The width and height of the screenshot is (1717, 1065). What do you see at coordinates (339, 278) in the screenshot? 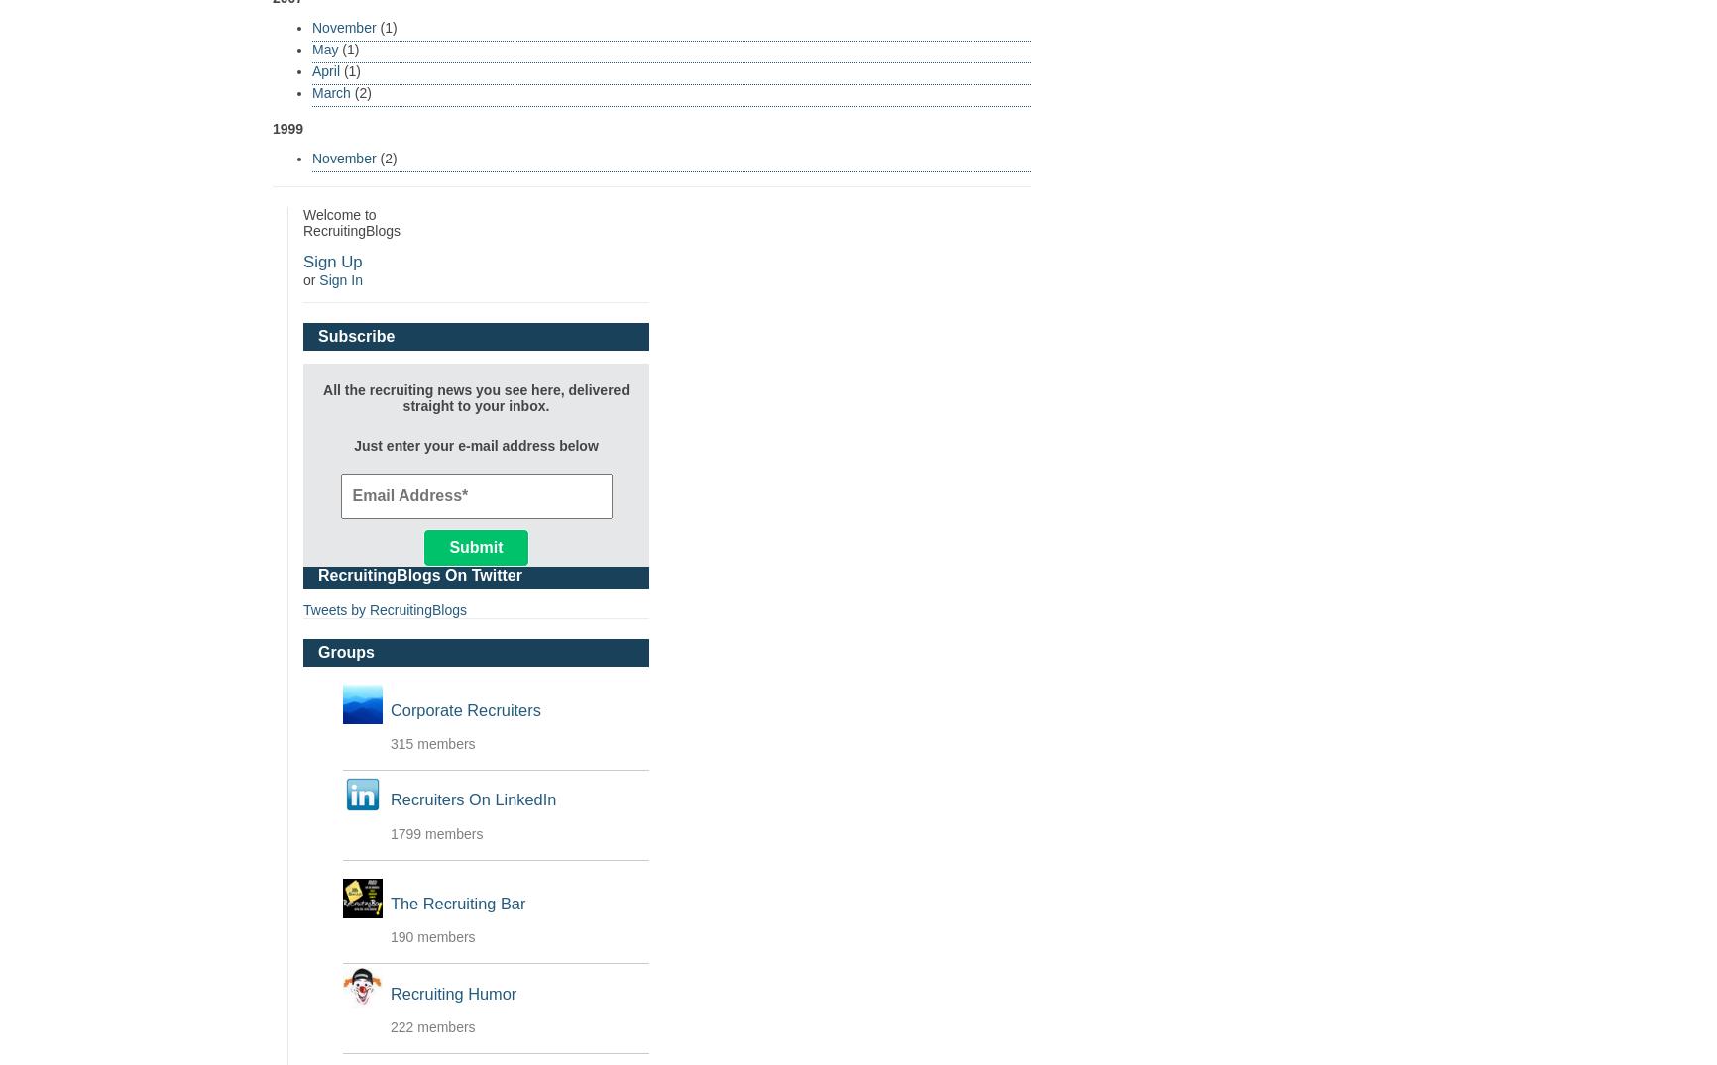
I see `'Sign In'` at bounding box center [339, 278].